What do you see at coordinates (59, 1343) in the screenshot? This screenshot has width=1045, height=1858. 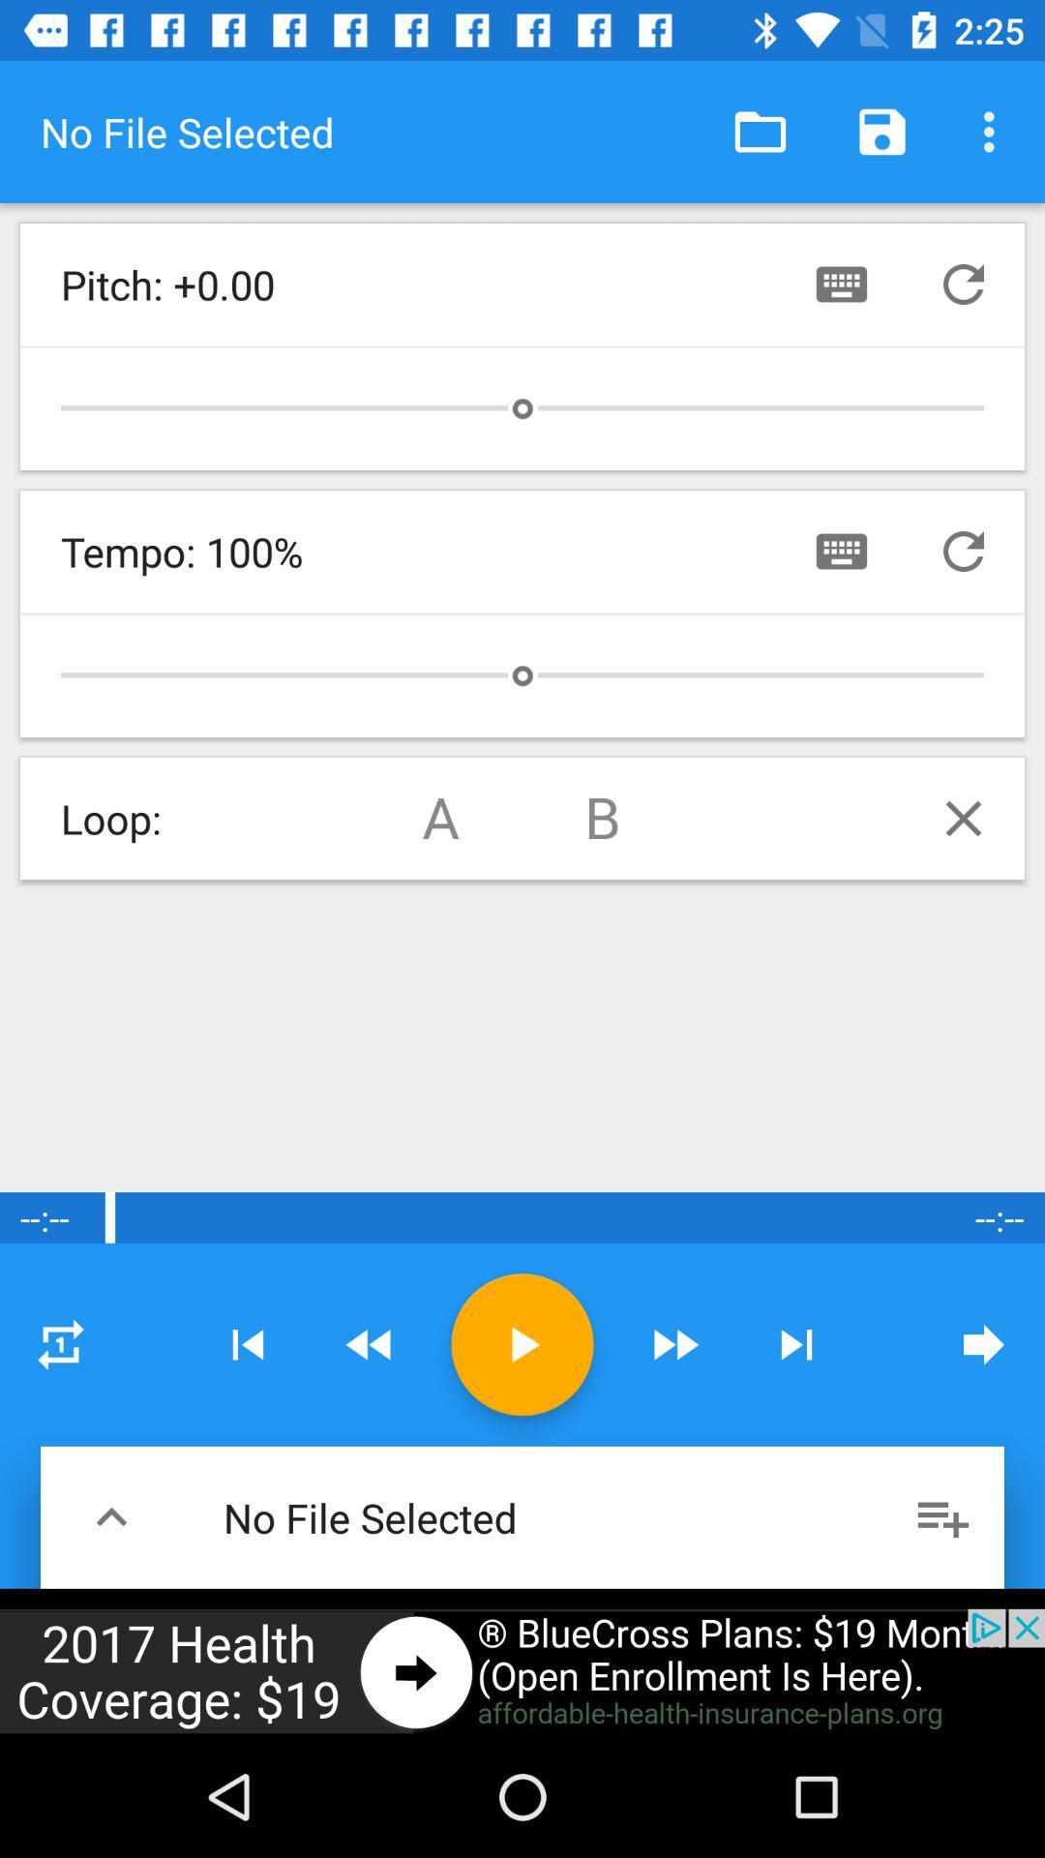 I see `again` at bounding box center [59, 1343].